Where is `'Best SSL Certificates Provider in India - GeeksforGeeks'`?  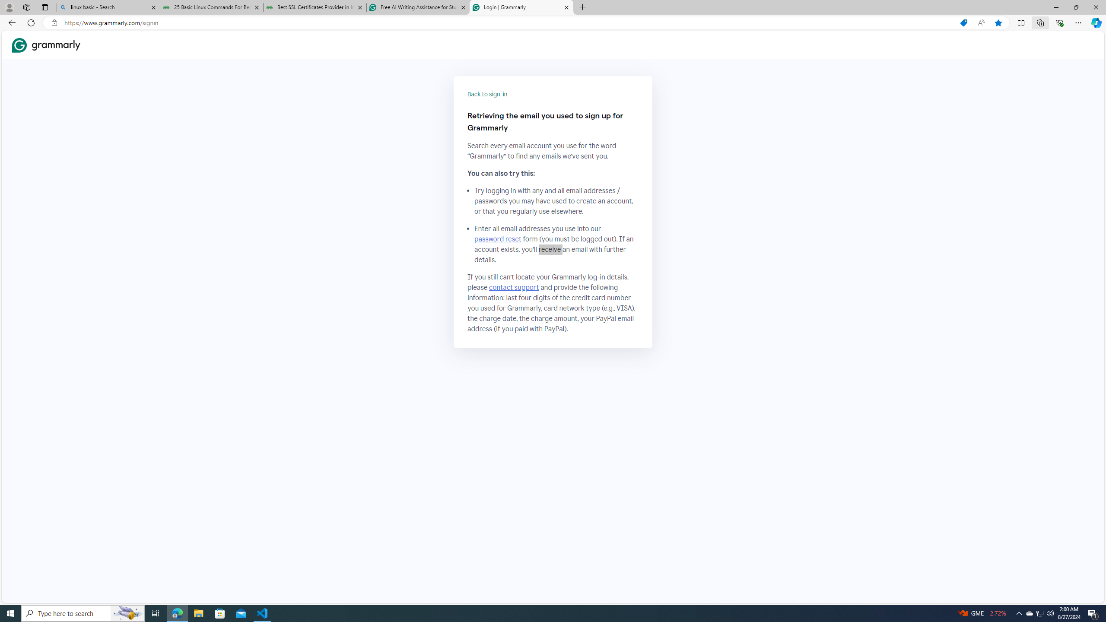 'Best SSL Certificates Provider in India - GeeksforGeeks' is located at coordinates (315, 7).